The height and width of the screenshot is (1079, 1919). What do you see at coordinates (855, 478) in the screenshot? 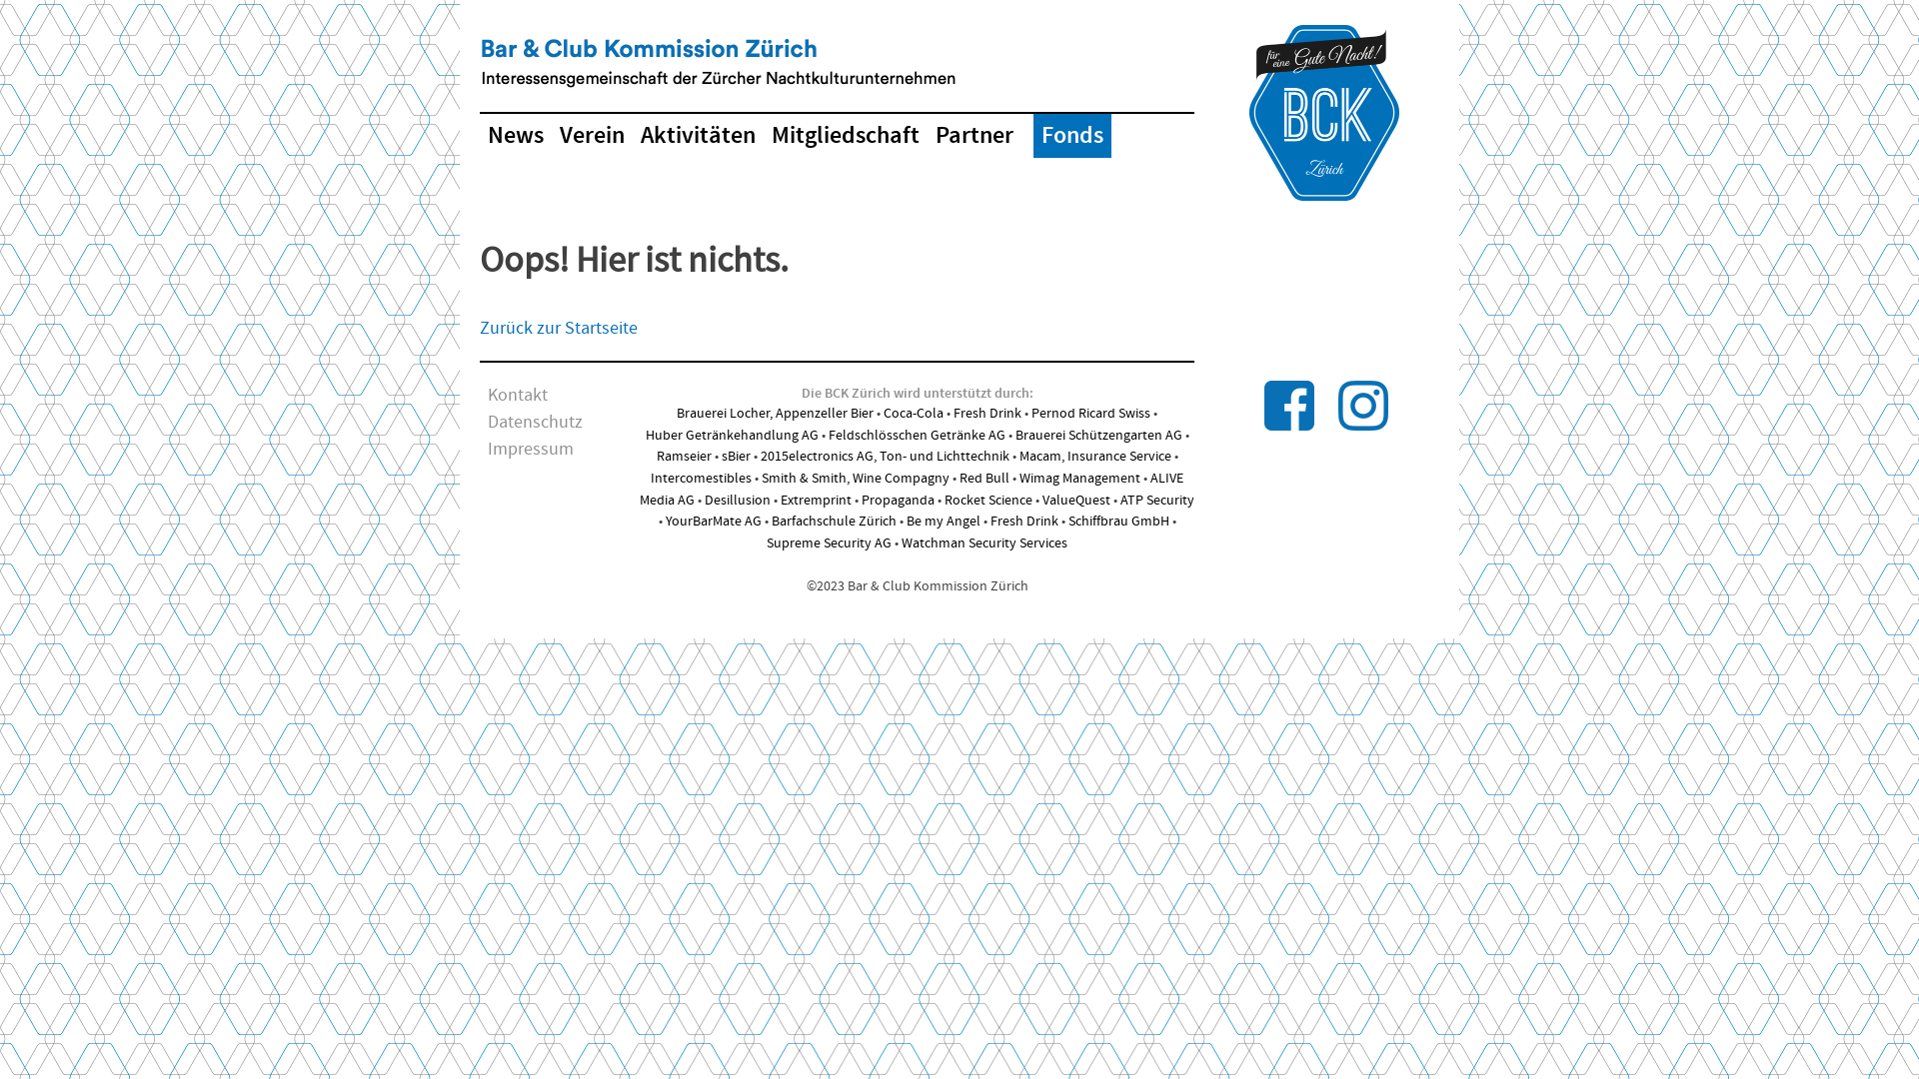
I see `'Smith & Smith, Wine Compagny'` at bounding box center [855, 478].